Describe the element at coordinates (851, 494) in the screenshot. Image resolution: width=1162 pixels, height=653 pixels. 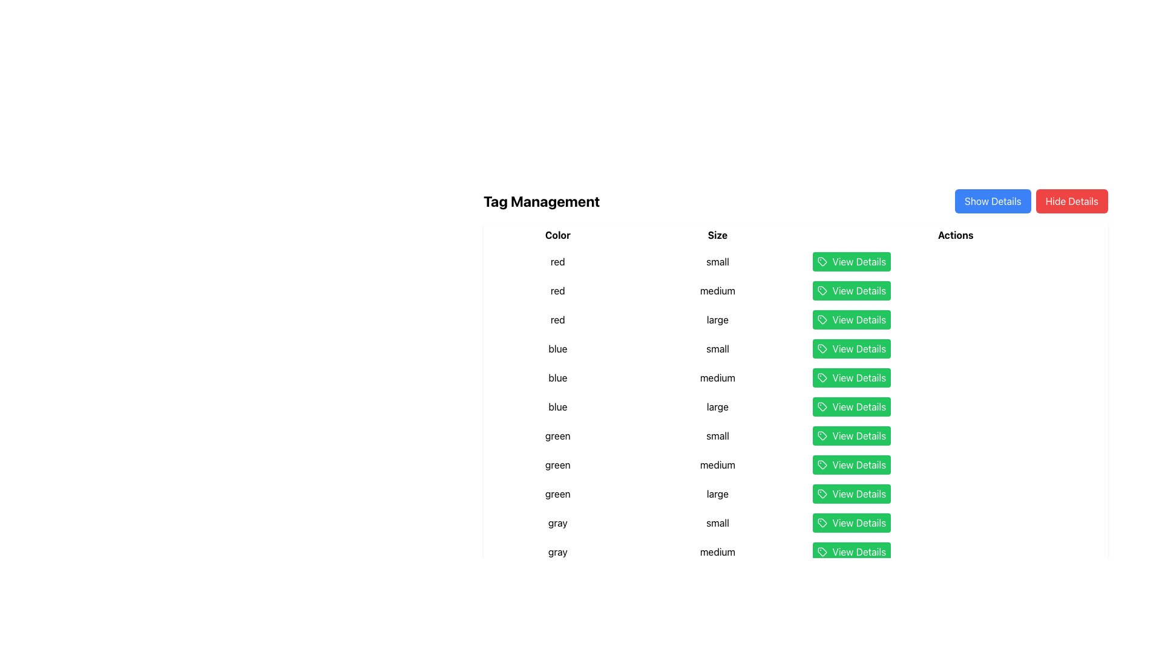
I see `the button in the 'Actions' section of the table that corresponds to the 'green, large' tag in the ninth row` at that location.